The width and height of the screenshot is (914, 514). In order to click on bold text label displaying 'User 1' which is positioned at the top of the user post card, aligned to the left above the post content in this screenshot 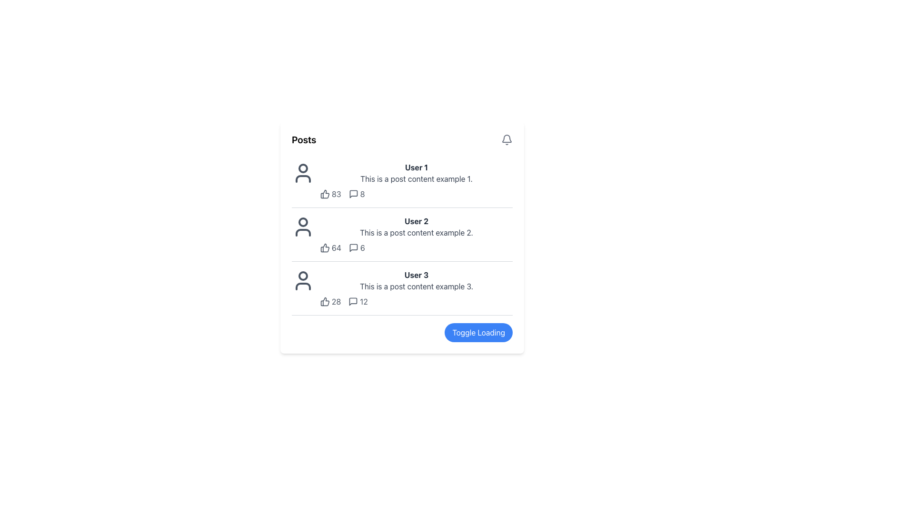, I will do `click(416, 167)`.